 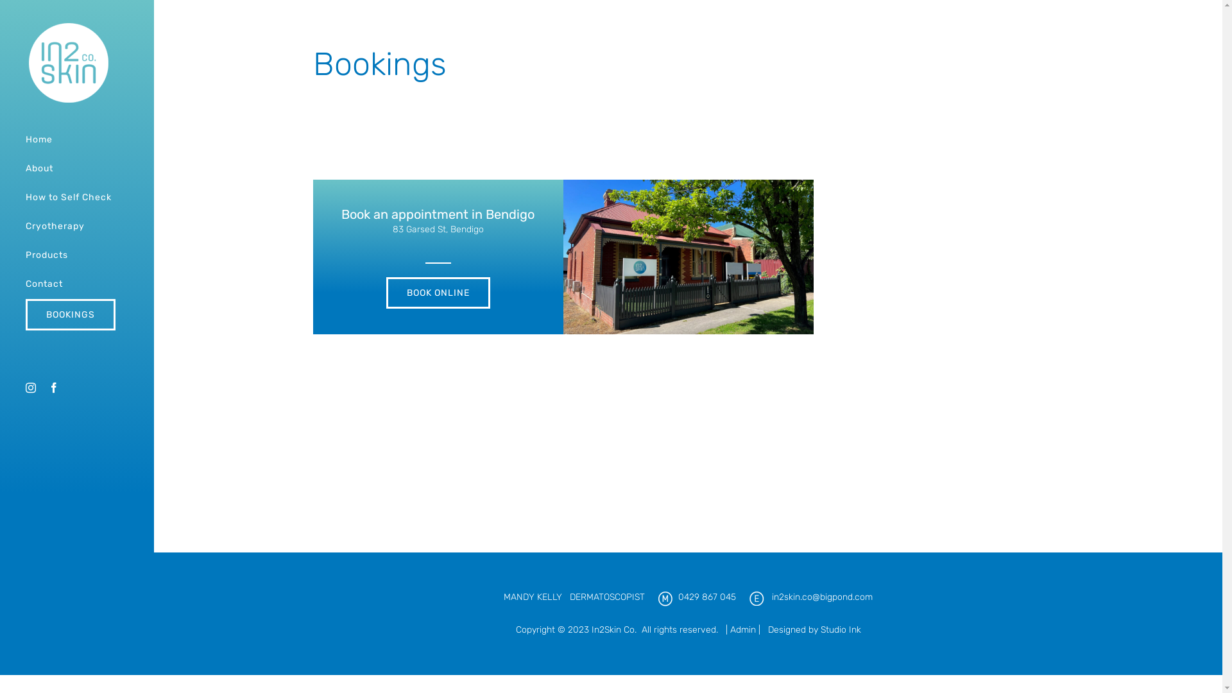 What do you see at coordinates (76, 314) in the screenshot?
I see `'BOOKINGS'` at bounding box center [76, 314].